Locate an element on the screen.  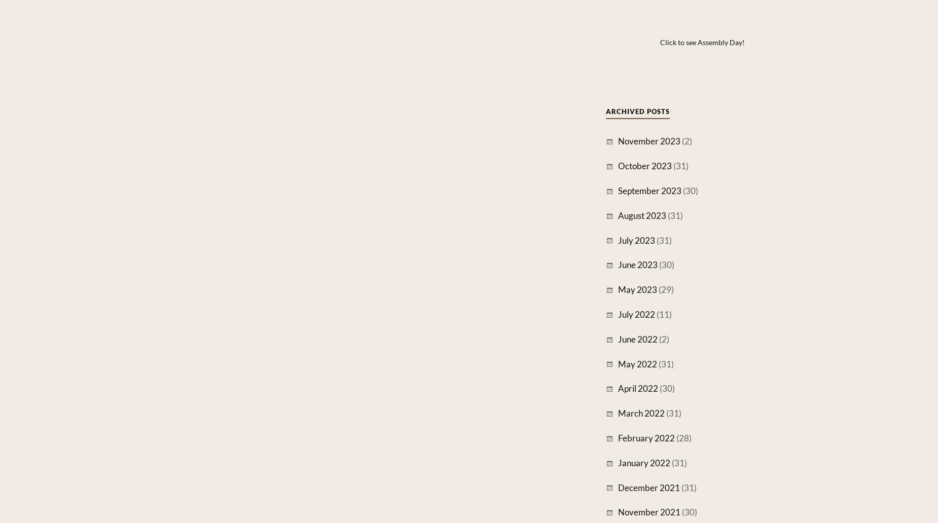
'May 2022' is located at coordinates (637, 363).